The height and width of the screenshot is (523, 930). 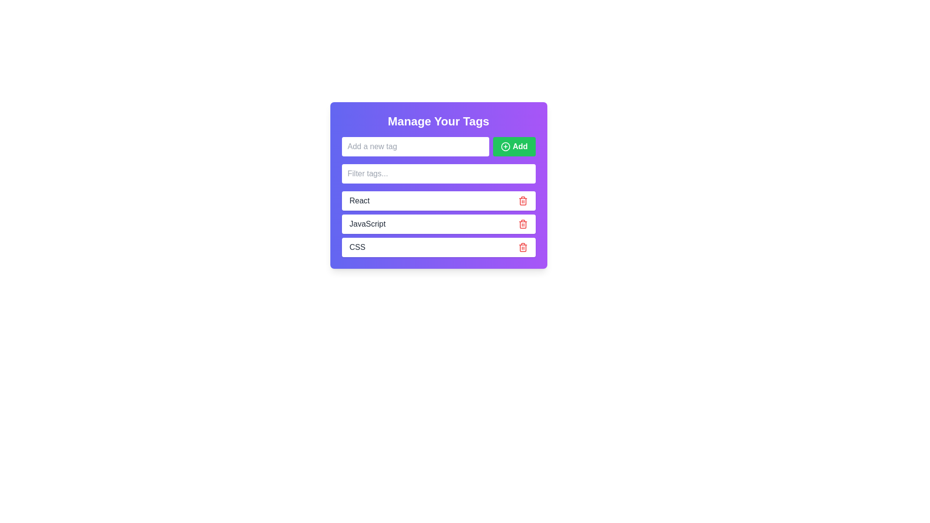 I want to click on the 'React' text element, which is displayed in bold black font against a white background, so click(x=359, y=200).